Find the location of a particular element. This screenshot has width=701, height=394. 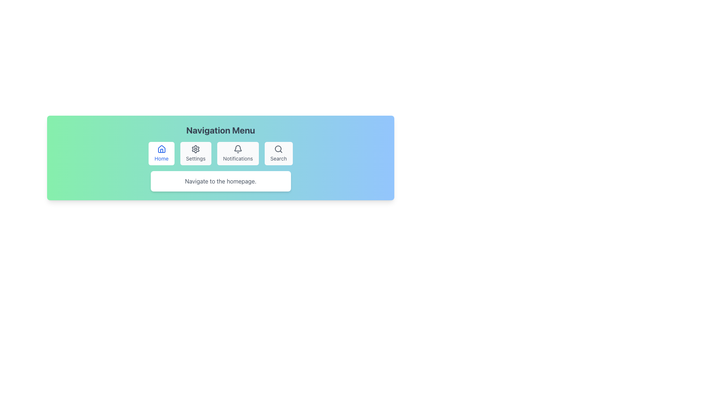

the fourth button in the horizontal navigation bar is located at coordinates (278, 153).